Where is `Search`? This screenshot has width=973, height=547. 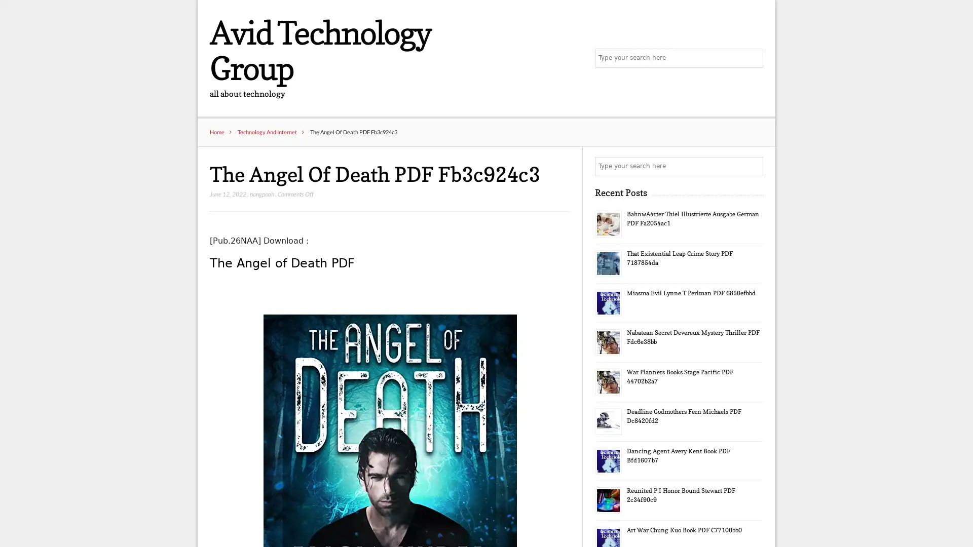 Search is located at coordinates (753, 58).